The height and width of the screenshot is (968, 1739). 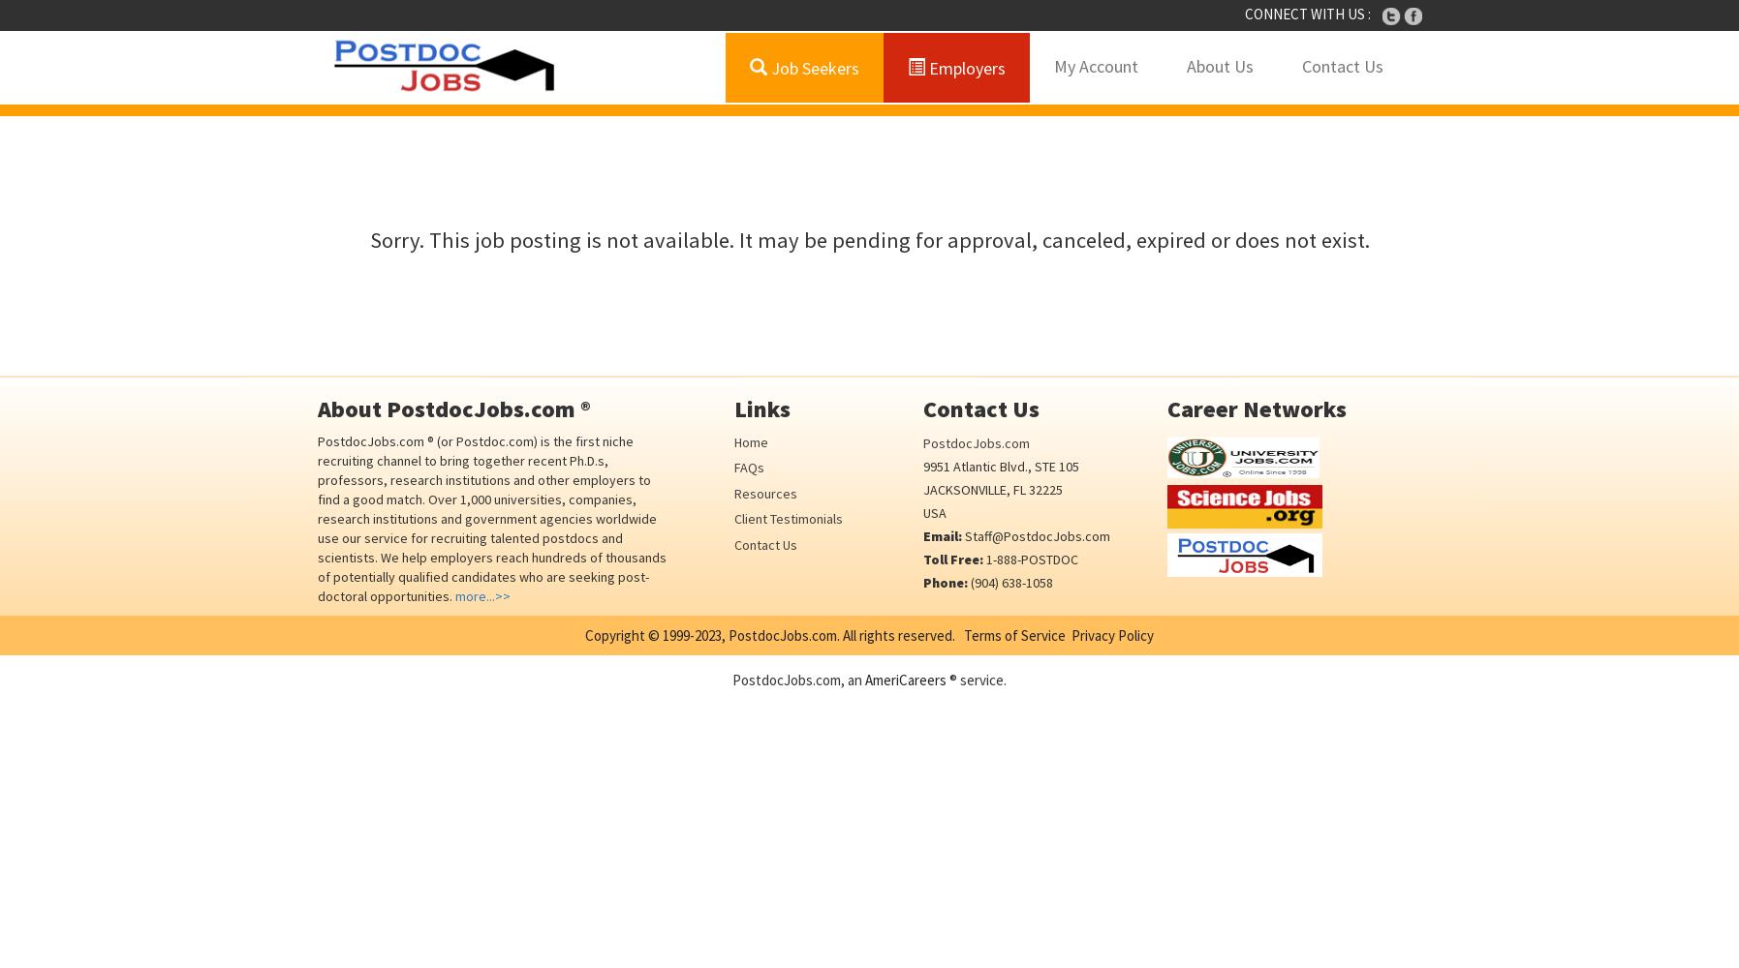 I want to click on 'Employers', so click(x=964, y=66).